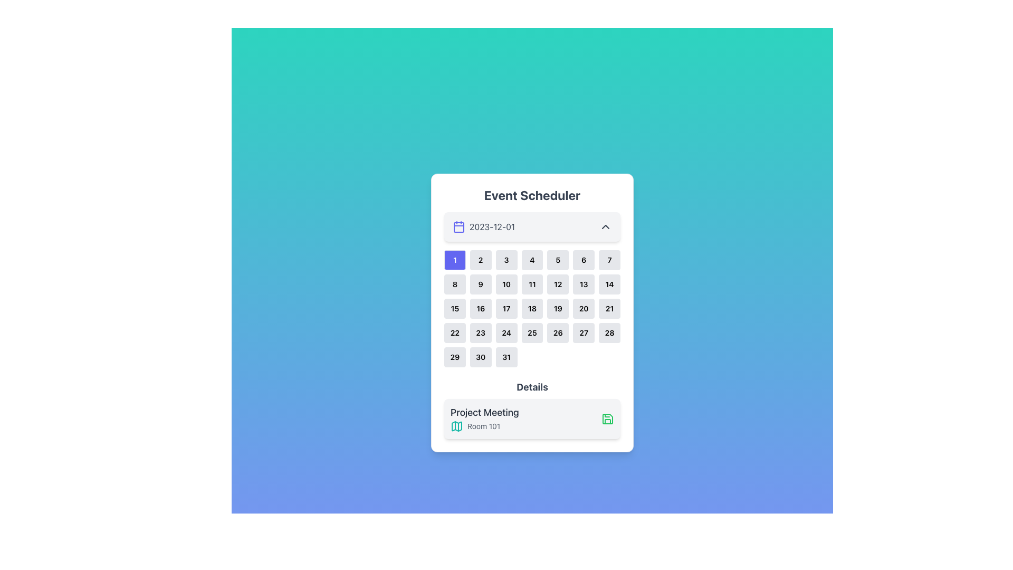  Describe the element at coordinates (455, 309) in the screenshot. I see `the selectable date button for the 15th day of the month in the Event Scheduler modal` at that location.